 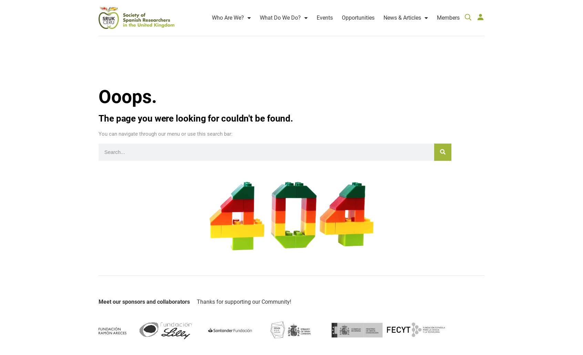 I want to click on 'What Do We Do?', so click(x=280, y=11).